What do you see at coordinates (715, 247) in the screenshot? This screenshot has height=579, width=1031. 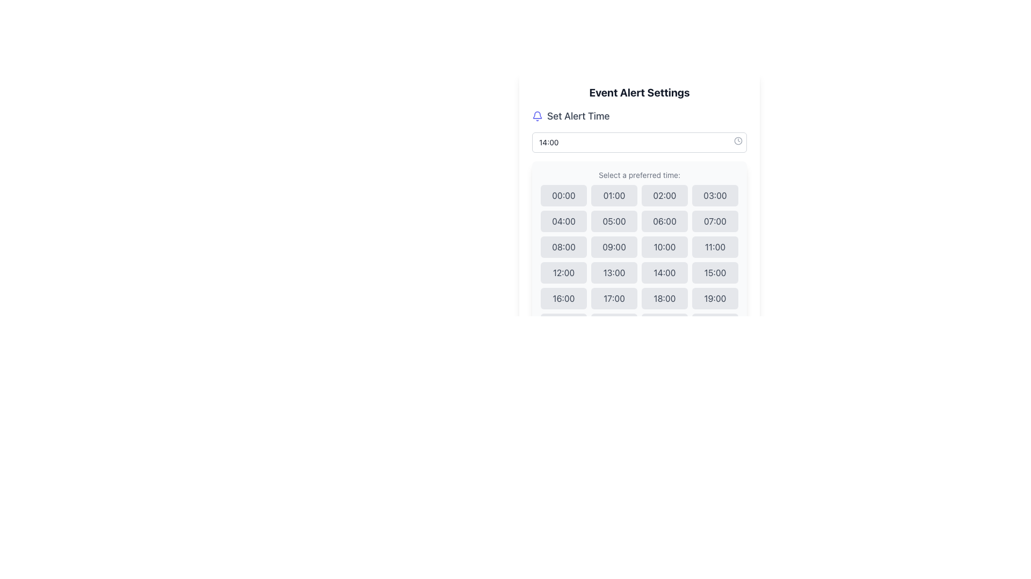 I see `the button labeled '11:00', which is a rectangular button with rounded corners in a gray background` at bounding box center [715, 247].